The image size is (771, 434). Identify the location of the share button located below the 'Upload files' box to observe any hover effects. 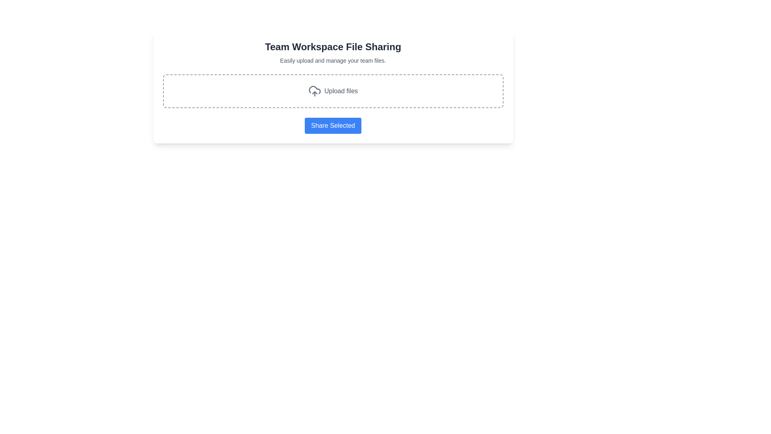
(333, 125).